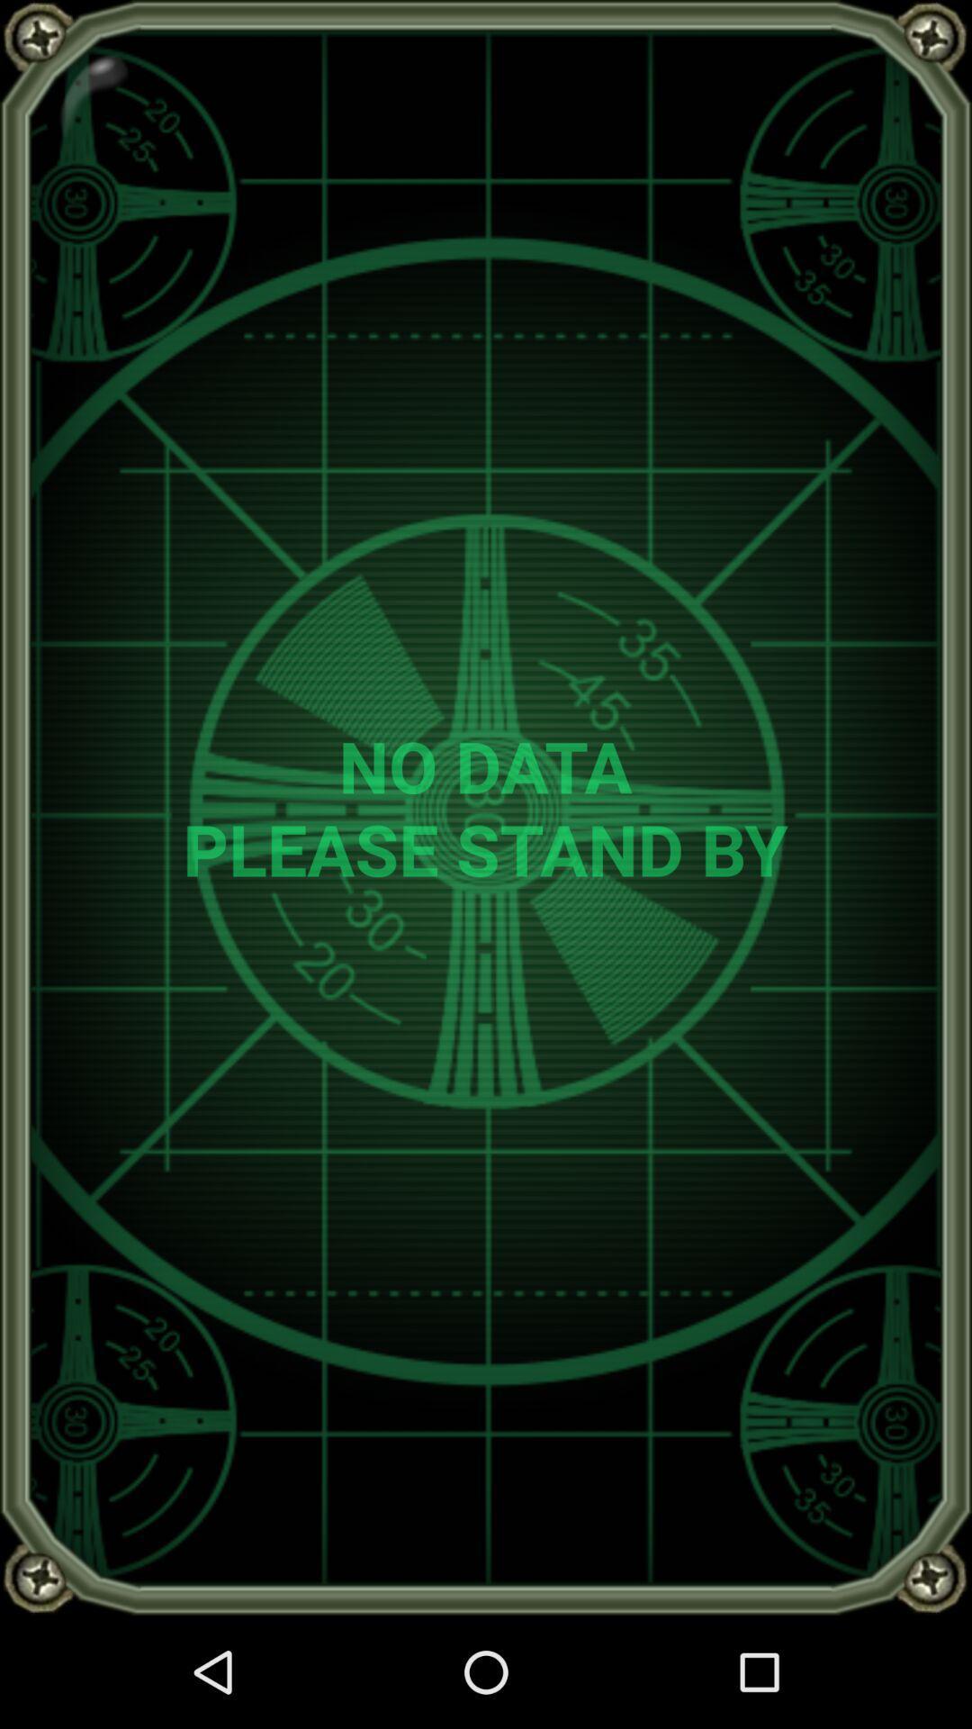  I want to click on the no data please app, so click(484, 806).